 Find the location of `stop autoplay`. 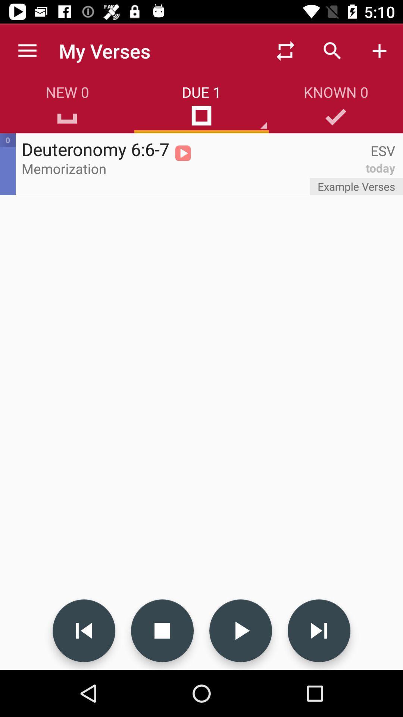

stop autoplay is located at coordinates (162, 630).